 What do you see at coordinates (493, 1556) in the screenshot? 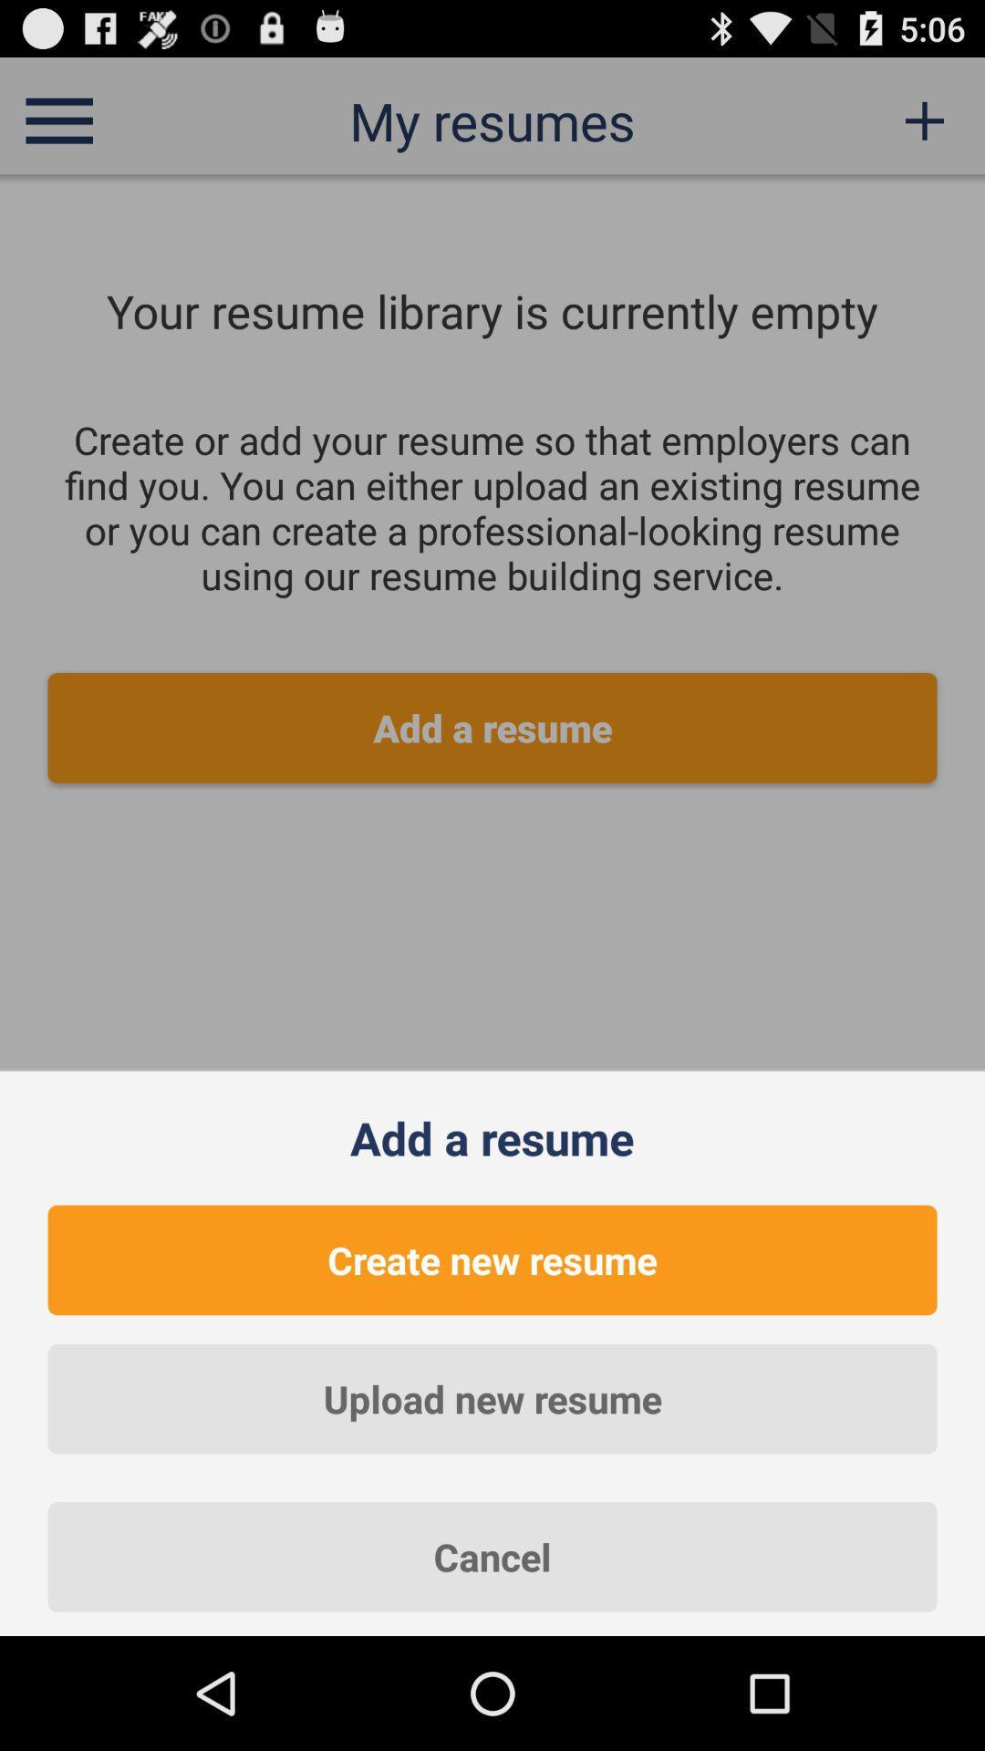
I see `item below upload new resume` at bounding box center [493, 1556].